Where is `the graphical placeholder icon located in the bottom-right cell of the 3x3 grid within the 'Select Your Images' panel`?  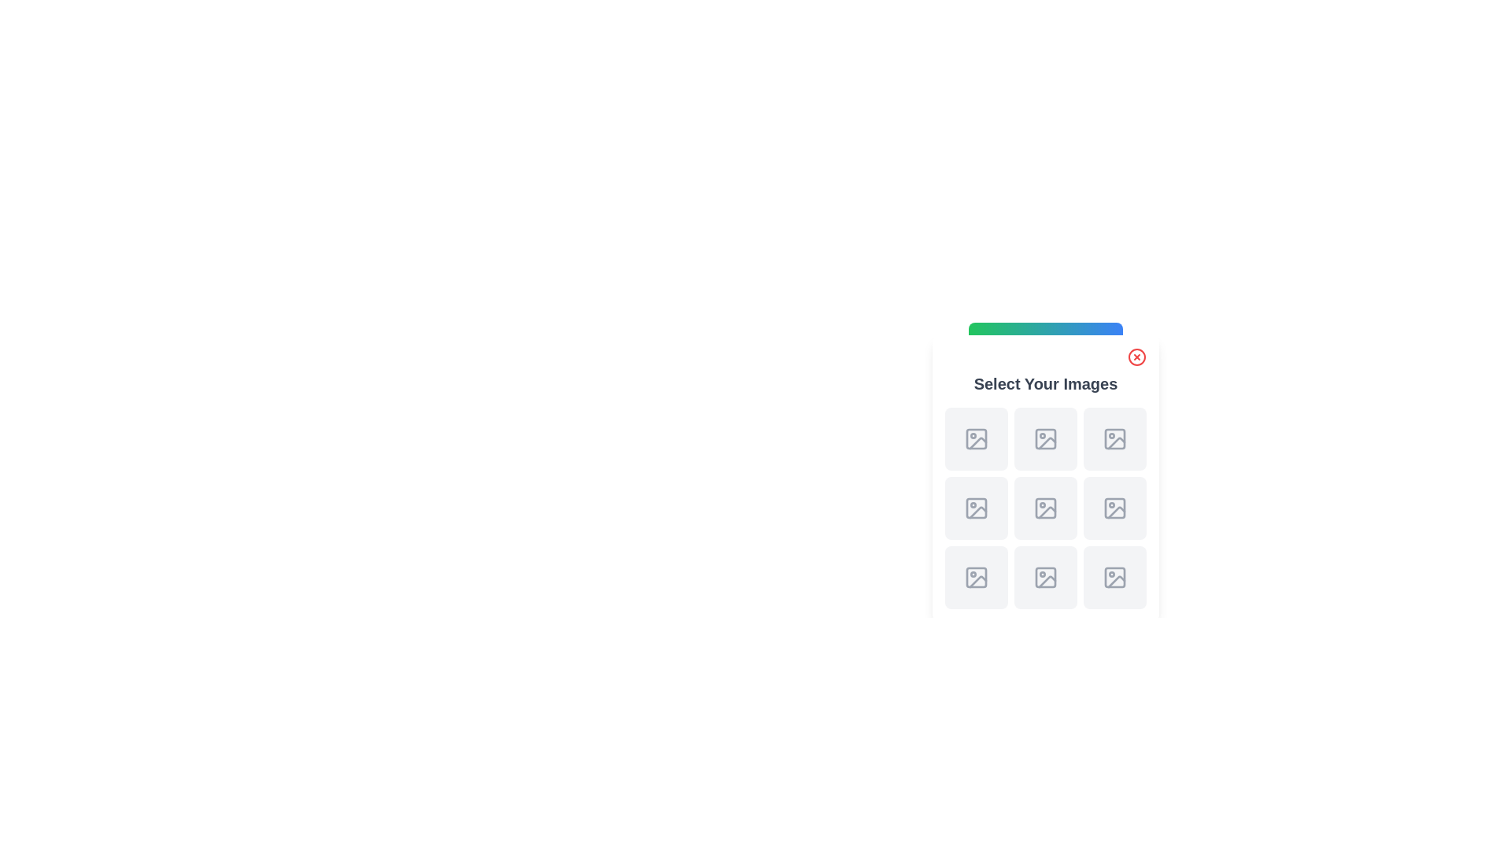 the graphical placeholder icon located in the bottom-right cell of the 3x3 grid within the 'Select Your Images' panel is located at coordinates (976, 577).